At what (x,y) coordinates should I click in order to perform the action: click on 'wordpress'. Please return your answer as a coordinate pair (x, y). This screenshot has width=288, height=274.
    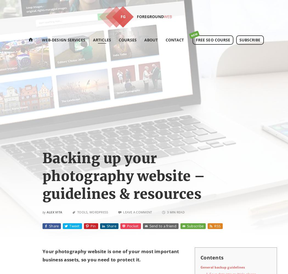
    Looking at the image, I should click on (98, 212).